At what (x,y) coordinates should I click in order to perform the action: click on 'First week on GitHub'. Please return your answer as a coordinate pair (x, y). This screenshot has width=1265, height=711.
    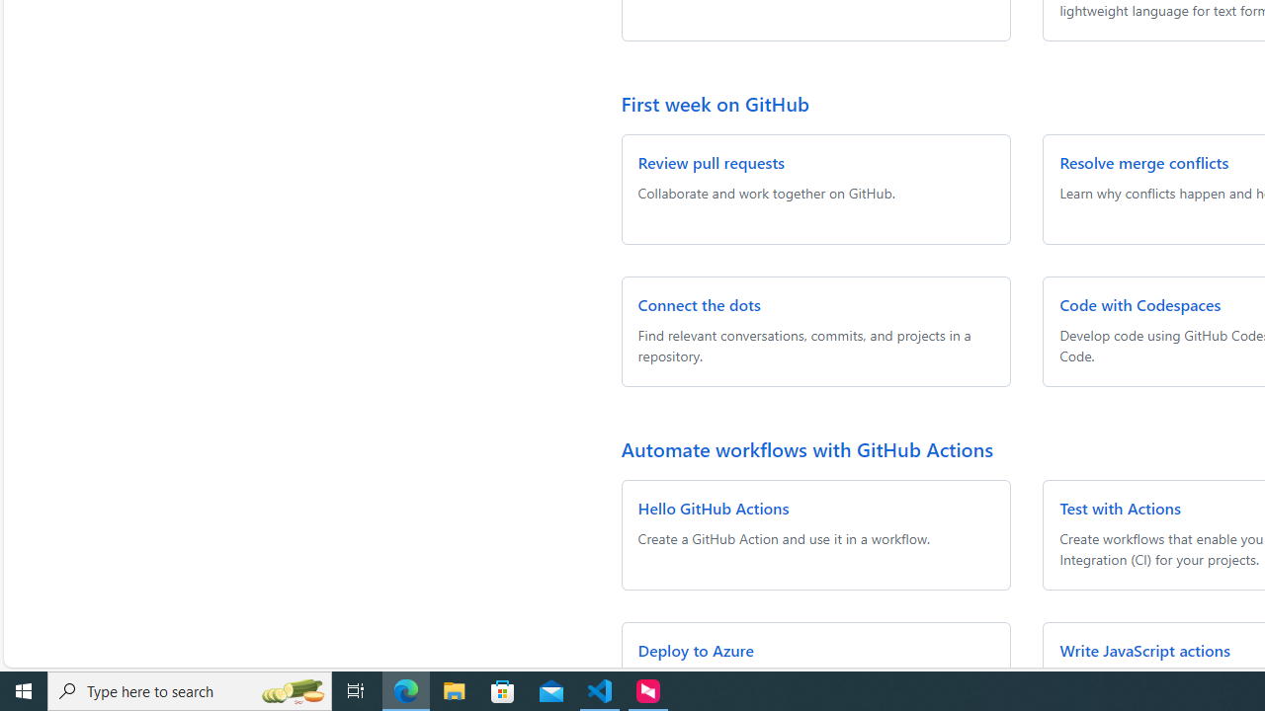
    Looking at the image, I should click on (714, 103).